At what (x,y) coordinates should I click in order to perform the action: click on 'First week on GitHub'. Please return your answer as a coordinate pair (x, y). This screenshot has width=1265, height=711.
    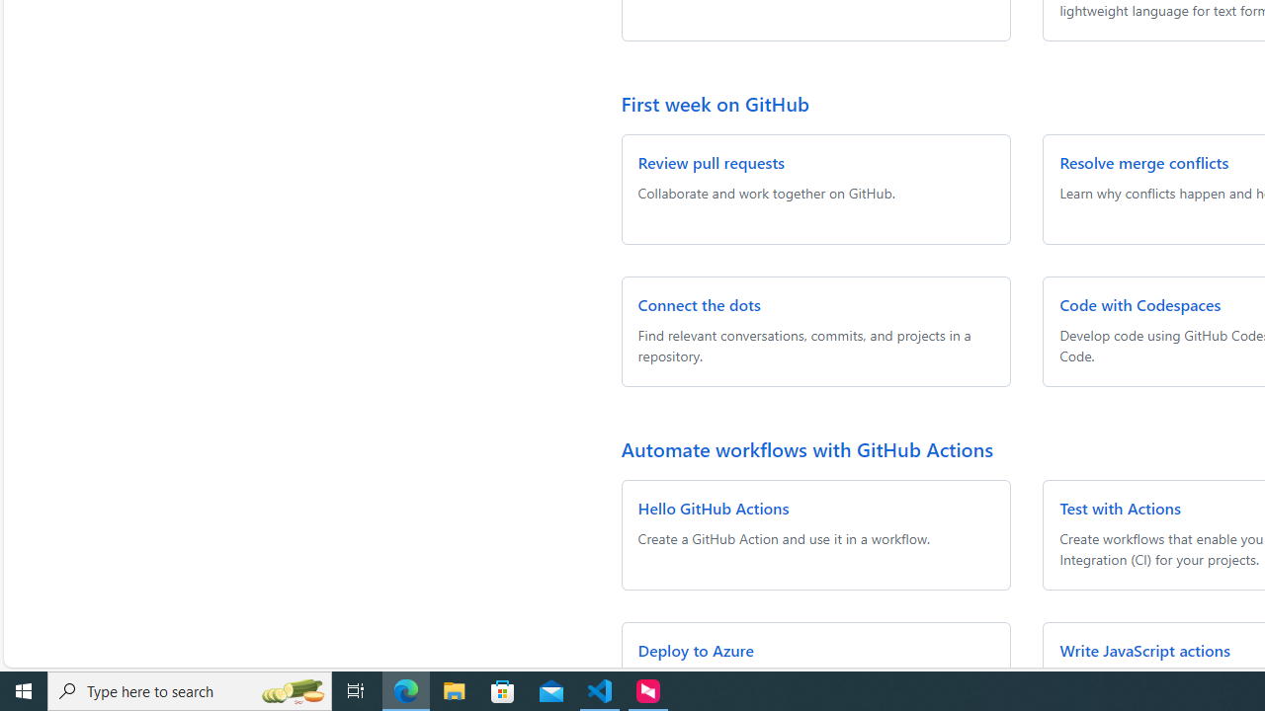
    Looking at the image, I should click on (714, 103).